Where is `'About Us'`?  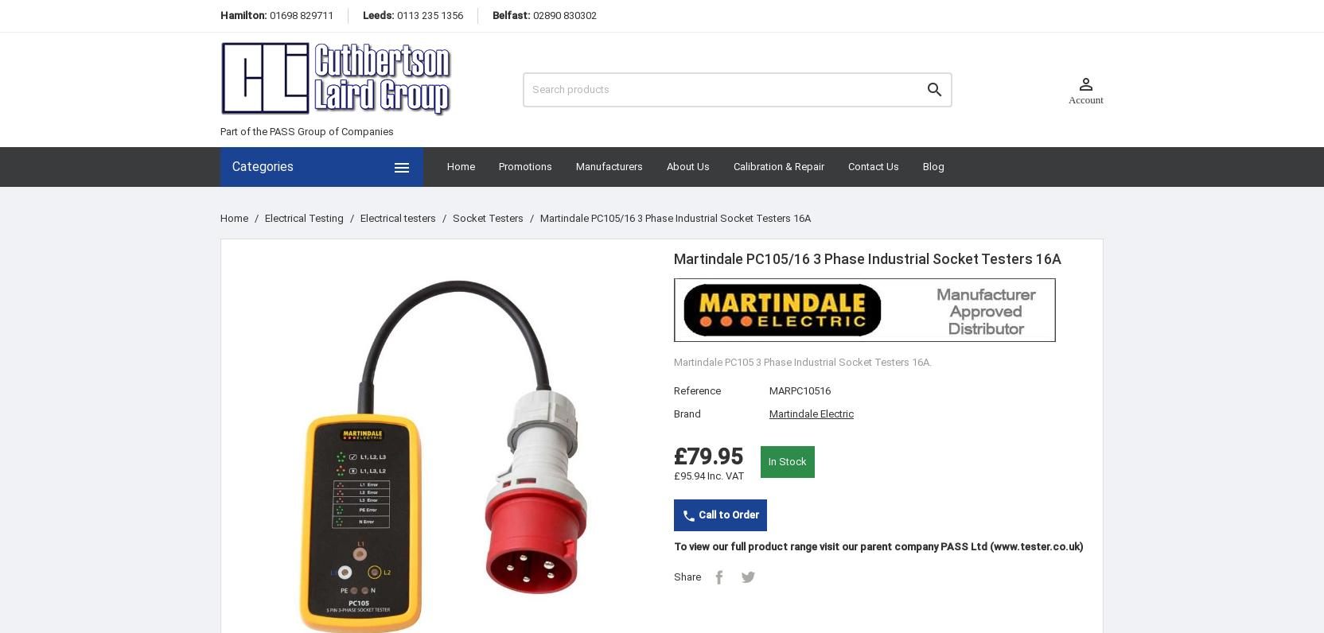
'About Us' is located at coordinates (687, 165).